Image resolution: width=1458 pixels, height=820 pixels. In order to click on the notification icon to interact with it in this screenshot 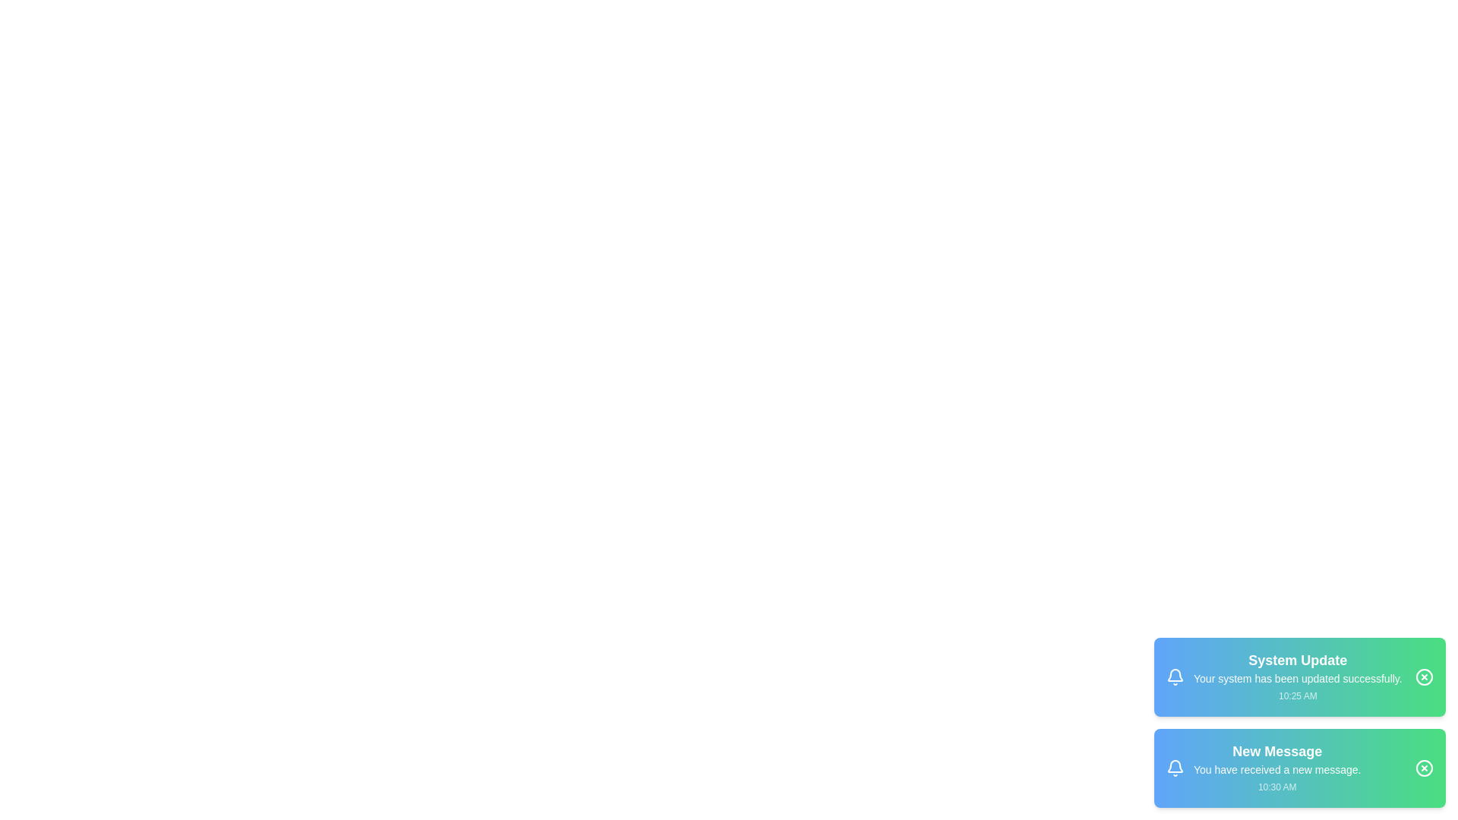, I will do `click(1175, 676)`.